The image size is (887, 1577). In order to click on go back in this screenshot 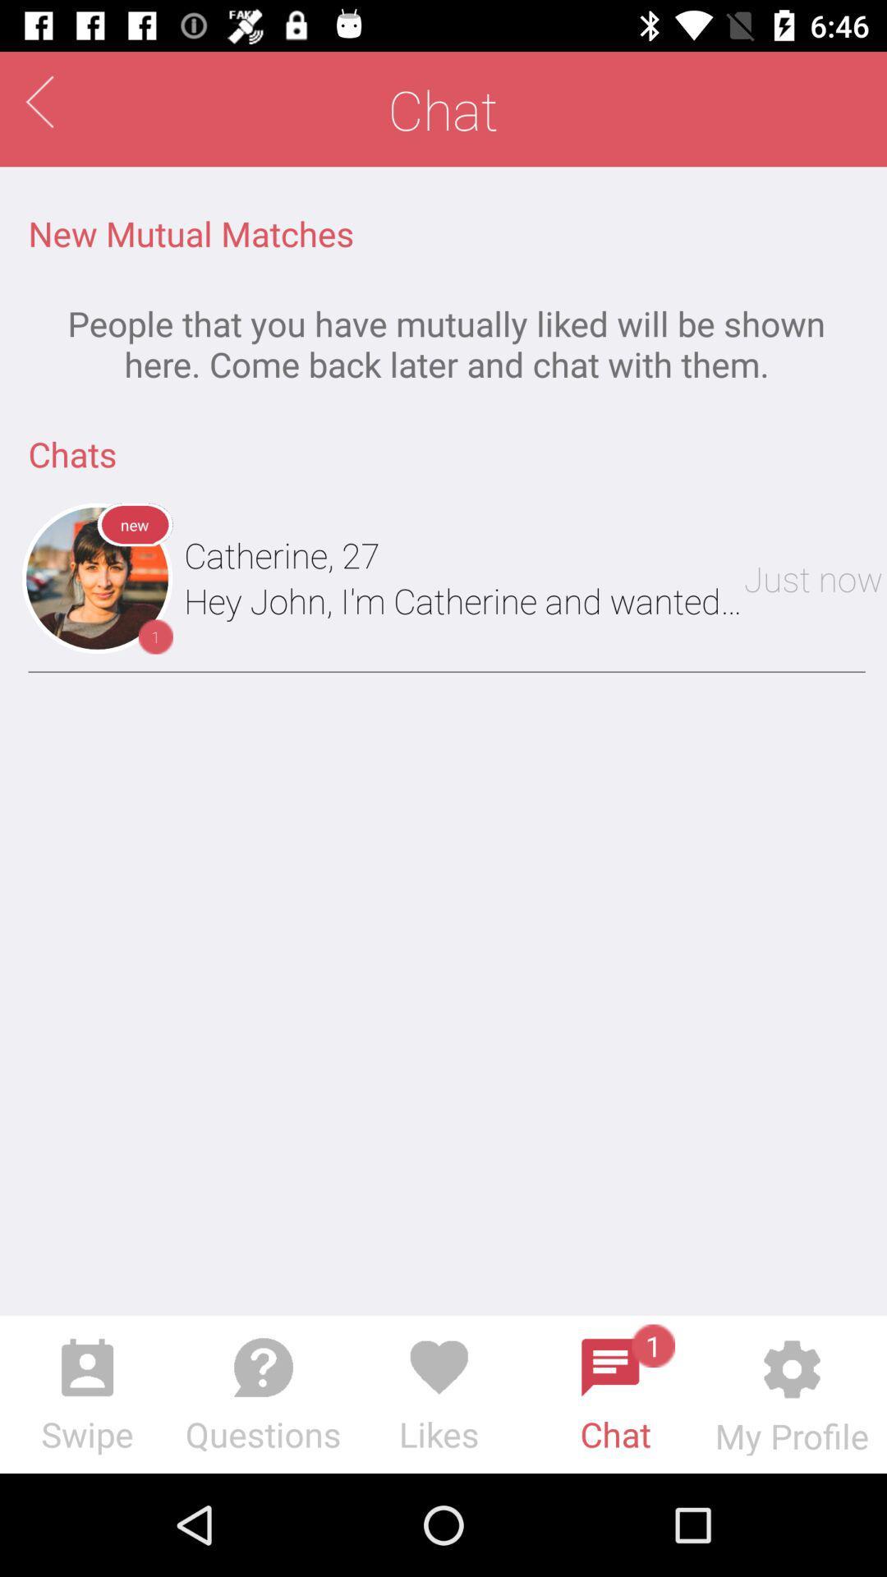, I will do `click(39, 101)`.